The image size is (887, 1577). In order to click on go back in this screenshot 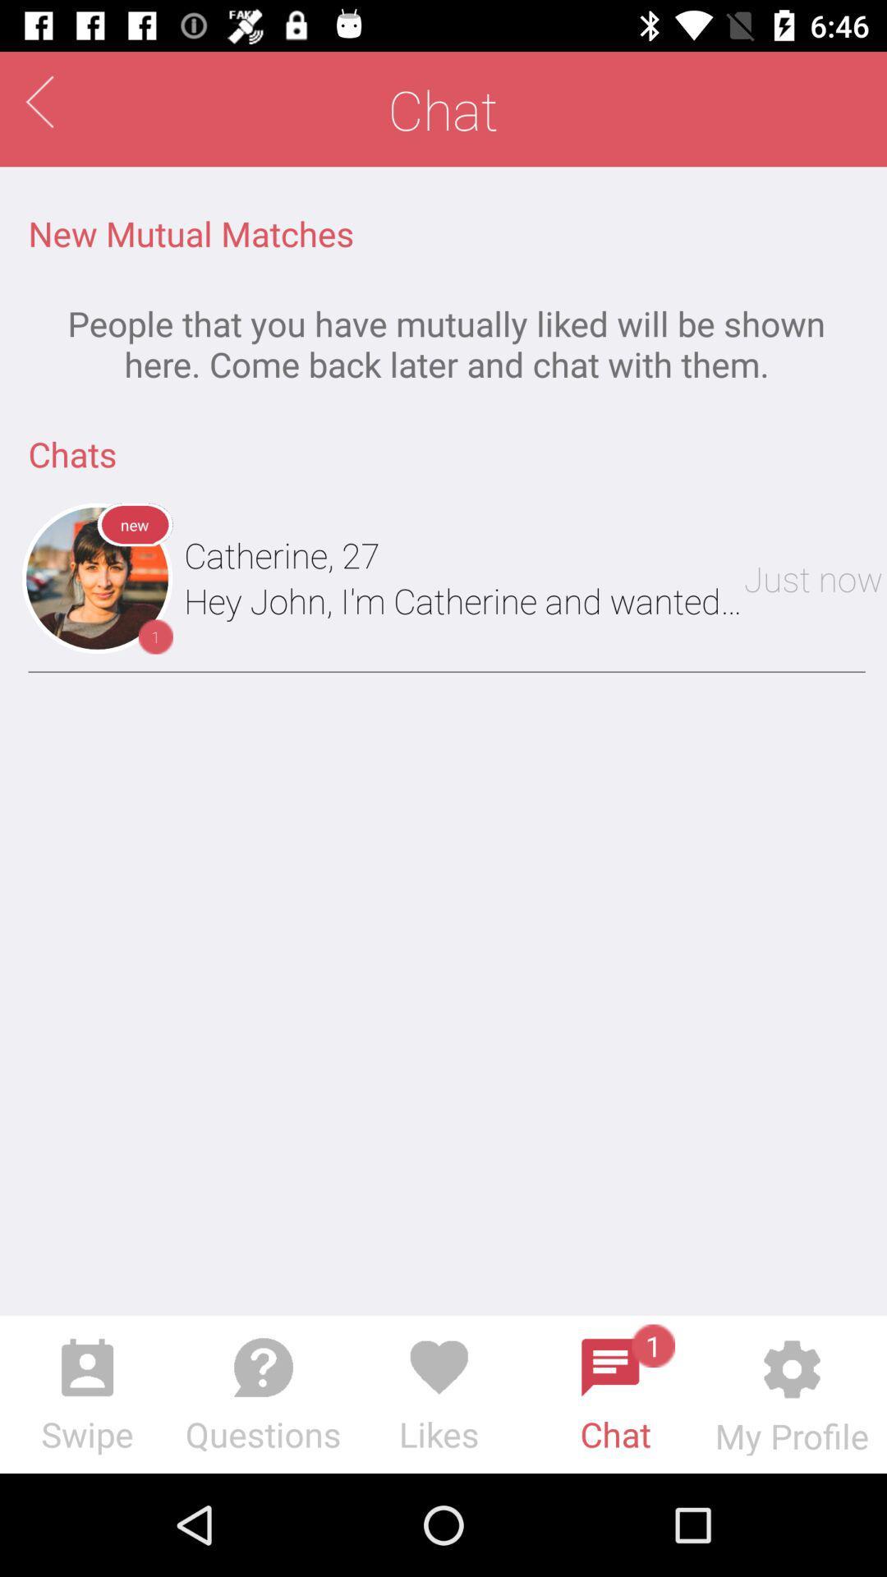, I will do `click(39, 101)`.